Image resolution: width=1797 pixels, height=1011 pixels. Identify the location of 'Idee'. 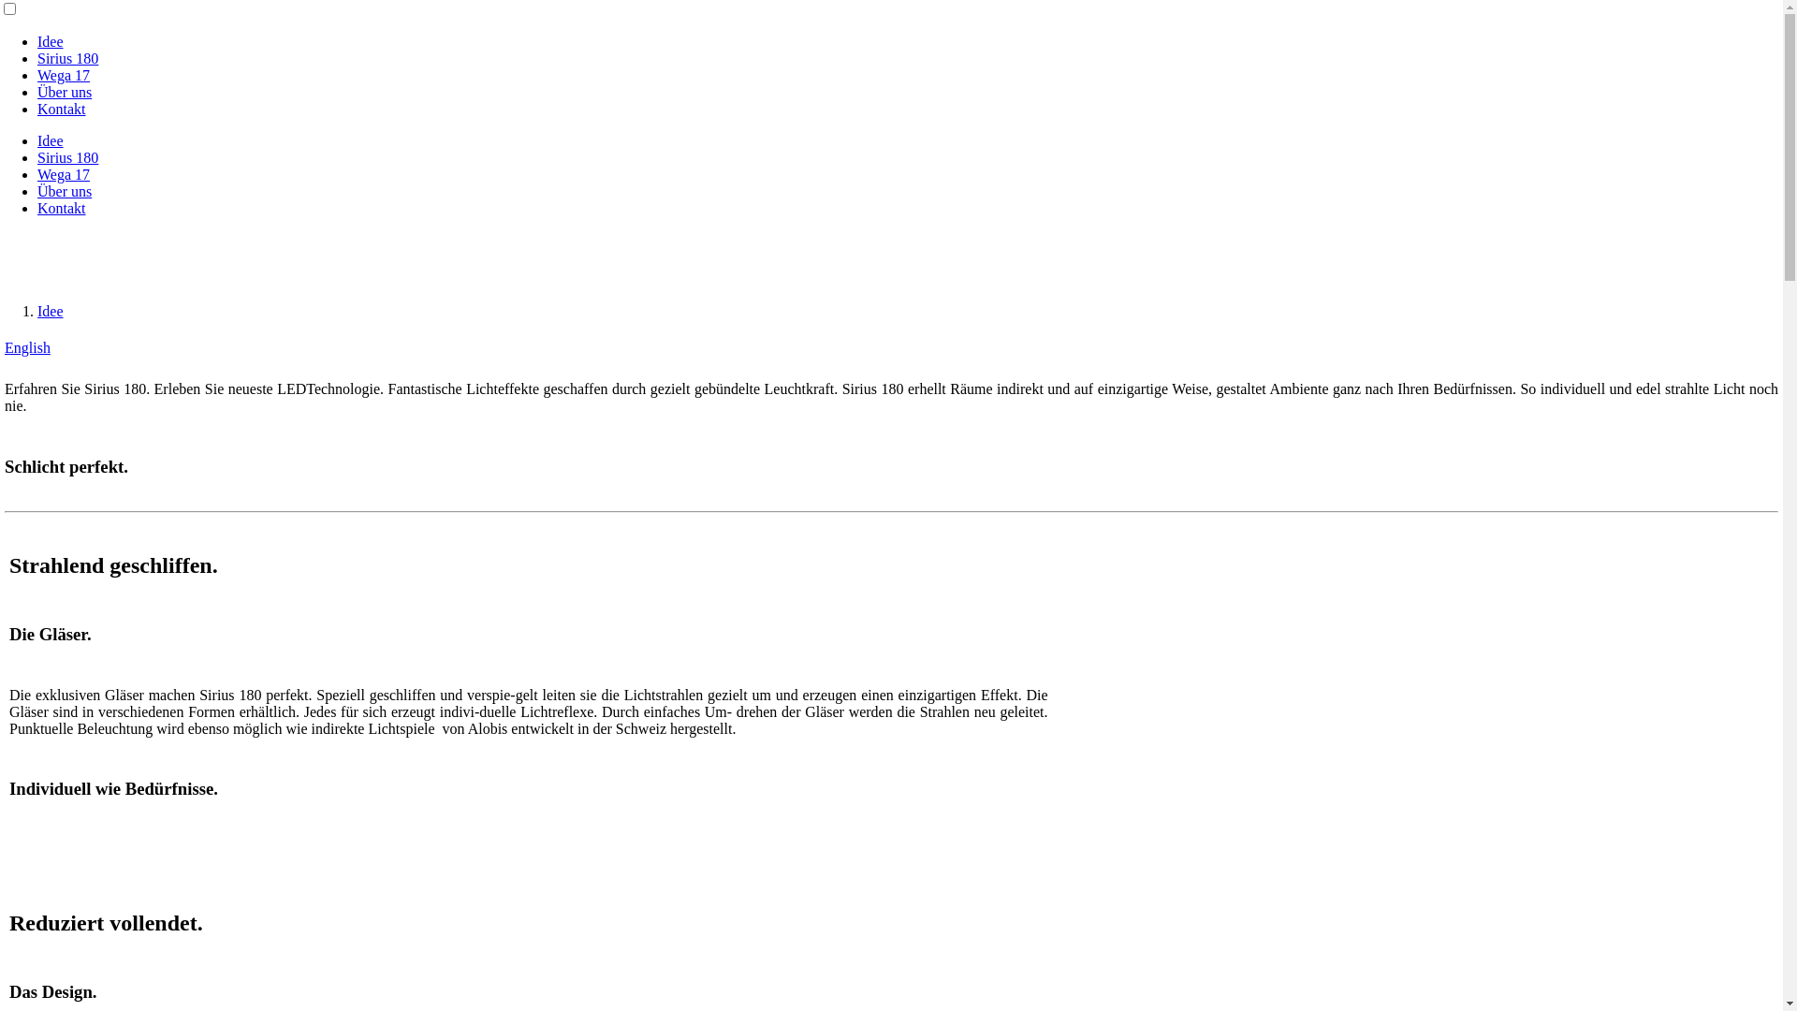
(50, 139).